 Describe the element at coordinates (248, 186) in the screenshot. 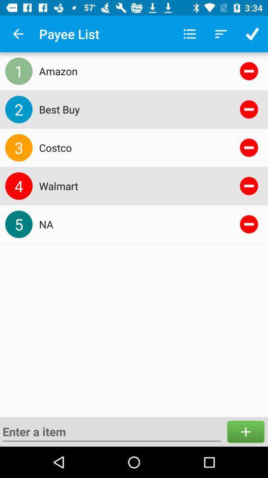

I see `minus symbol which is next to walmart` at that location.